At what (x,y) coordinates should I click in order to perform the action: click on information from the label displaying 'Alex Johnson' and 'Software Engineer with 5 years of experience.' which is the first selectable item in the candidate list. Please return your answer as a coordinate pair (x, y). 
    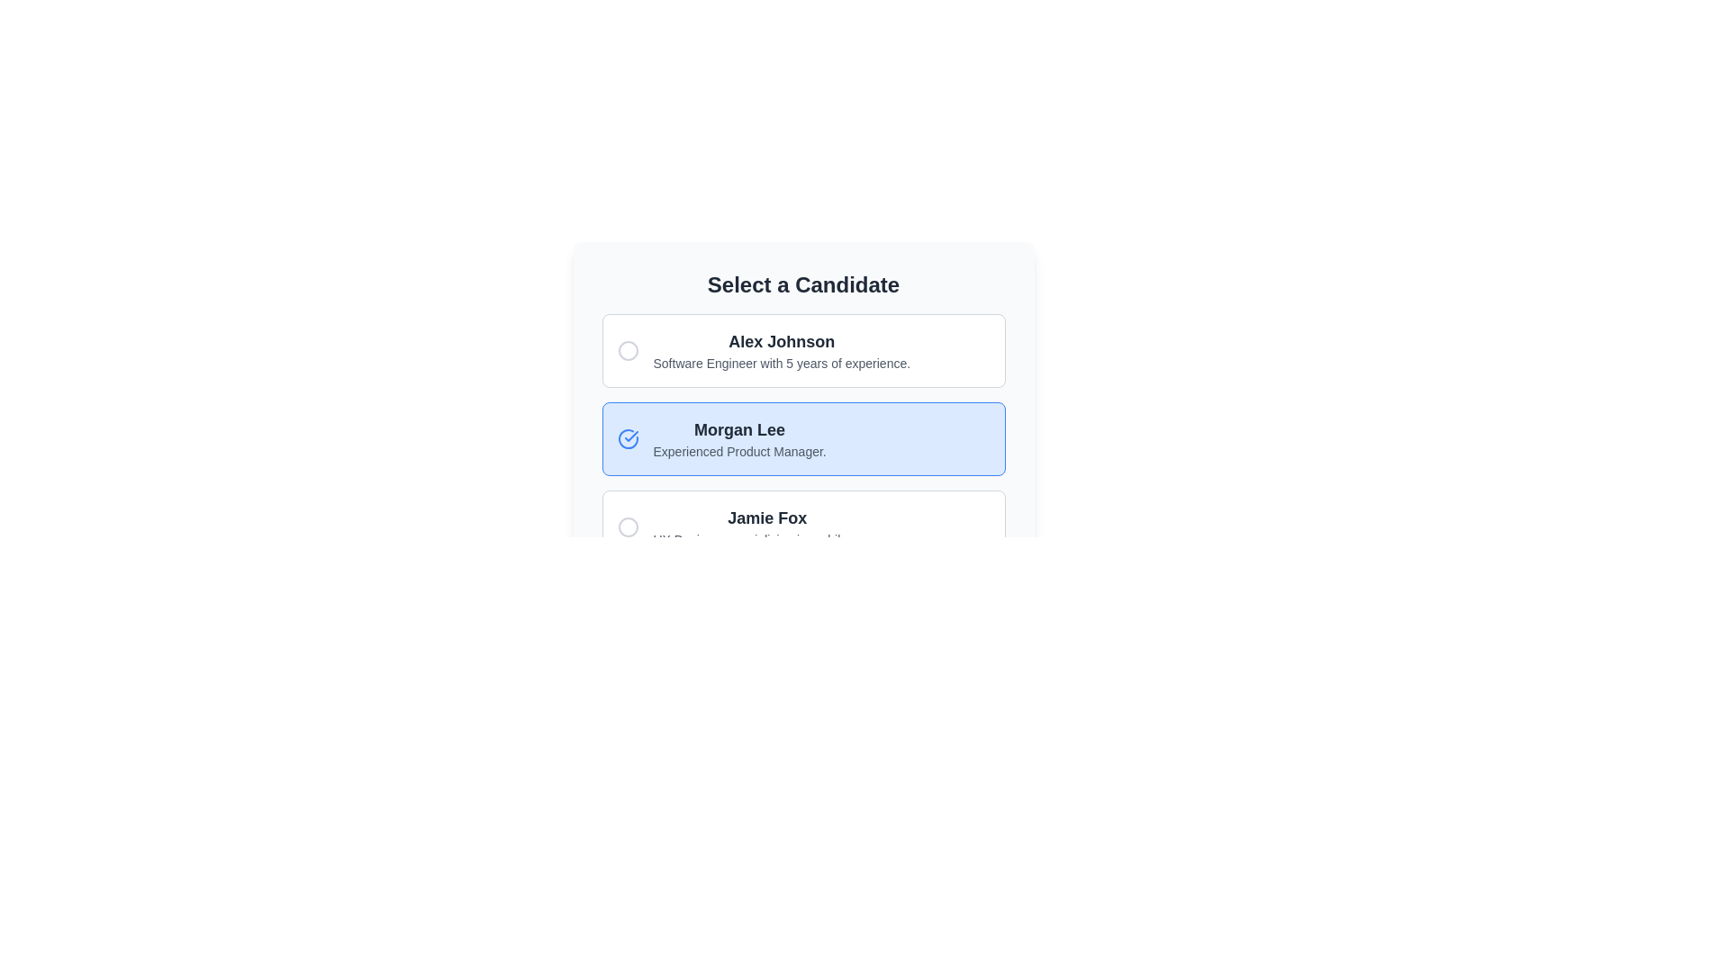
    Looking at the image, I should click on (782, 350).